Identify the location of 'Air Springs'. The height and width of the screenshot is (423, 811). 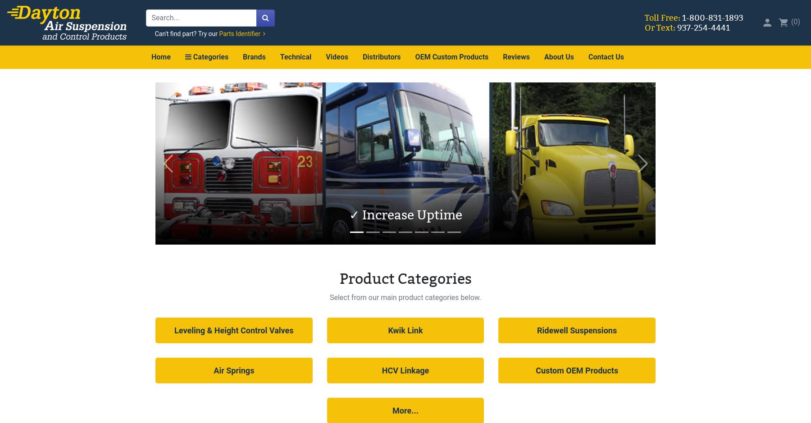
(233, 370).